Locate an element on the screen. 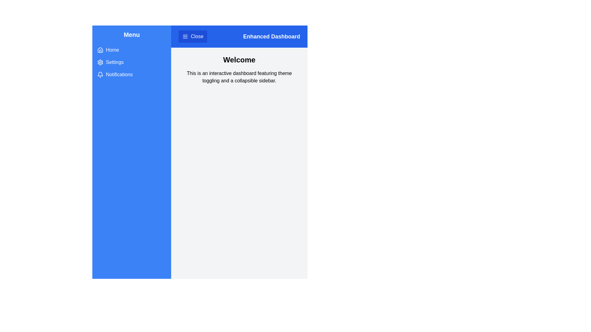 The height and width of the screenshot is (332, 591). the bell icon in the left navigation menu, which is styled with a white outline on a blue background and represents the notification feature is located at coordinates (100, 73).